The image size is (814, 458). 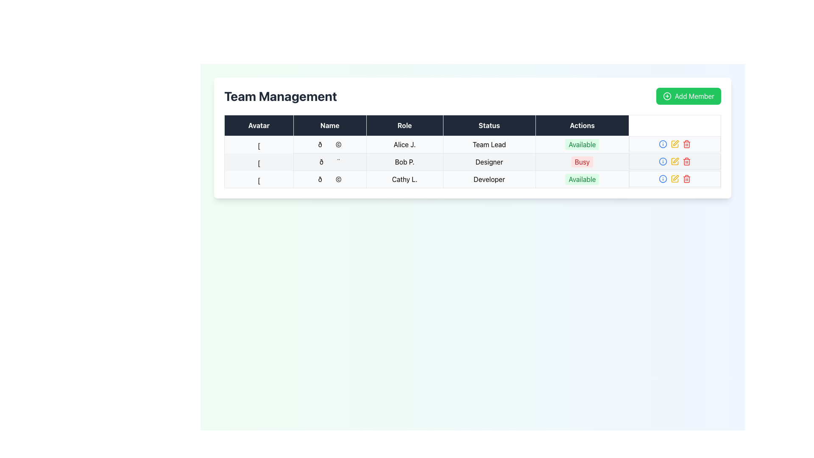 I want to click on the Circle SVG graphical element located in the 'Actions' column of the second row of the table, so click(x=663, y=143).